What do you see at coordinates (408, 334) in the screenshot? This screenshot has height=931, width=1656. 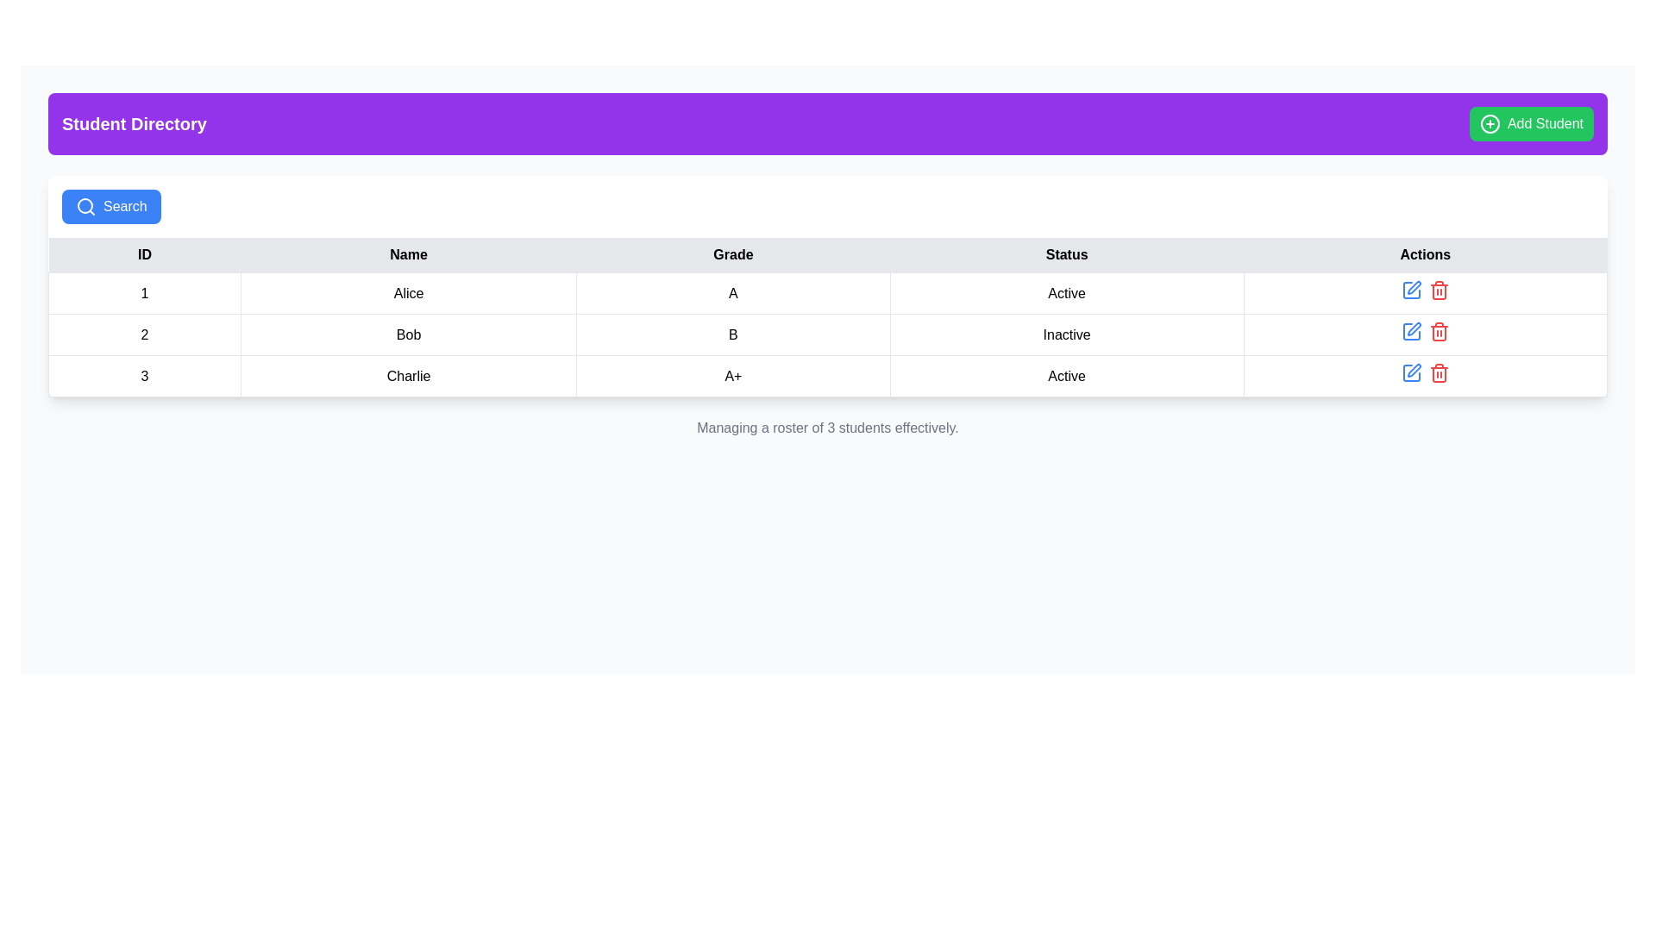 I see `the informational Text label displaying the name 'Bob' in the second column of the second row of the table` at bounding box center [408, 334].